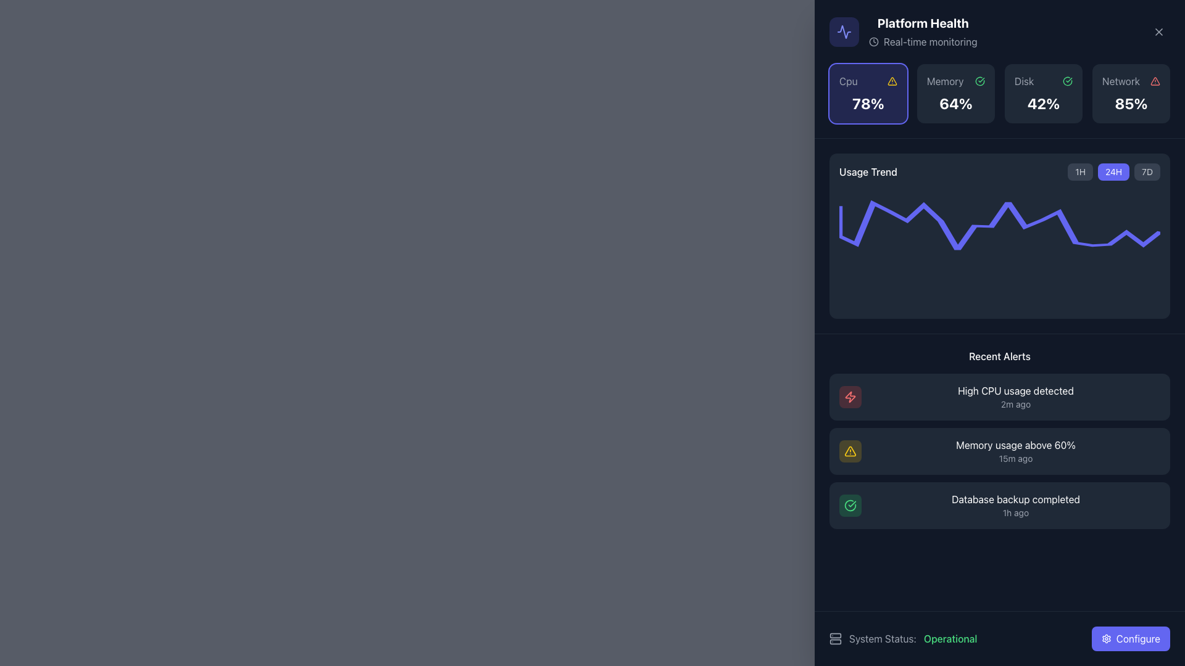 Image resolution: width=1185 pixels, height=666 pixels. I want to click on system status information from the Status bar which displays 'System Status: Operational' and includes a 'Configure' button, so click(1000, 638).